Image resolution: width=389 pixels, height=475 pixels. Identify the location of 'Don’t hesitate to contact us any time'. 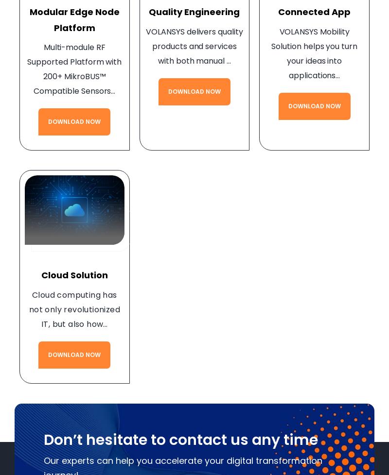
(180, 439).